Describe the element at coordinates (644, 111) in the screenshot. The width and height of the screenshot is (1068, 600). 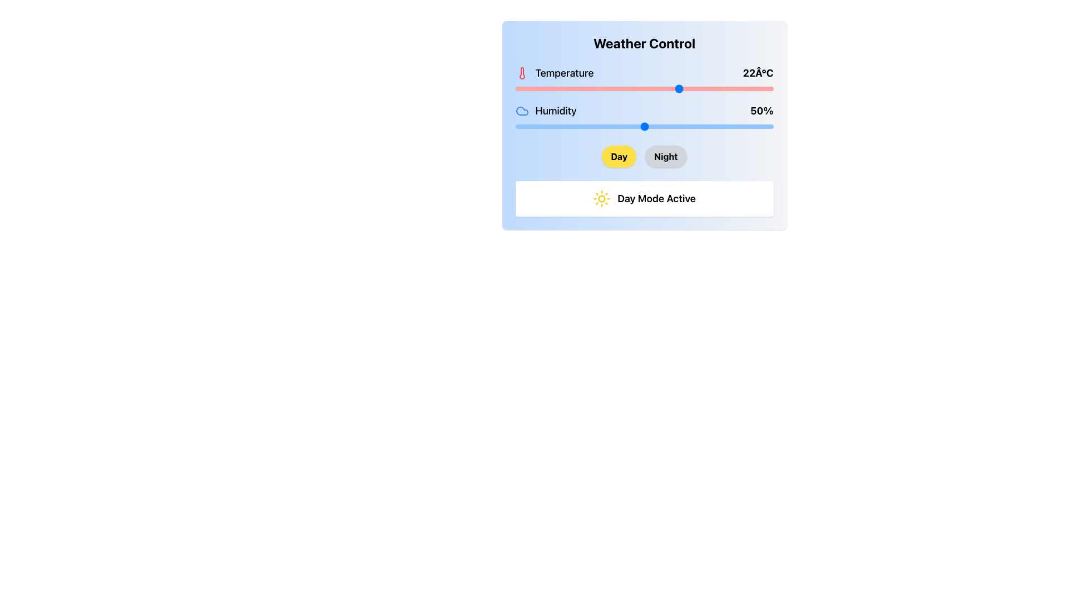
I see `the Informational display element that shows the current humidity level of '50%' in the Weather Control card, which is located below the Temperature element` at that location.